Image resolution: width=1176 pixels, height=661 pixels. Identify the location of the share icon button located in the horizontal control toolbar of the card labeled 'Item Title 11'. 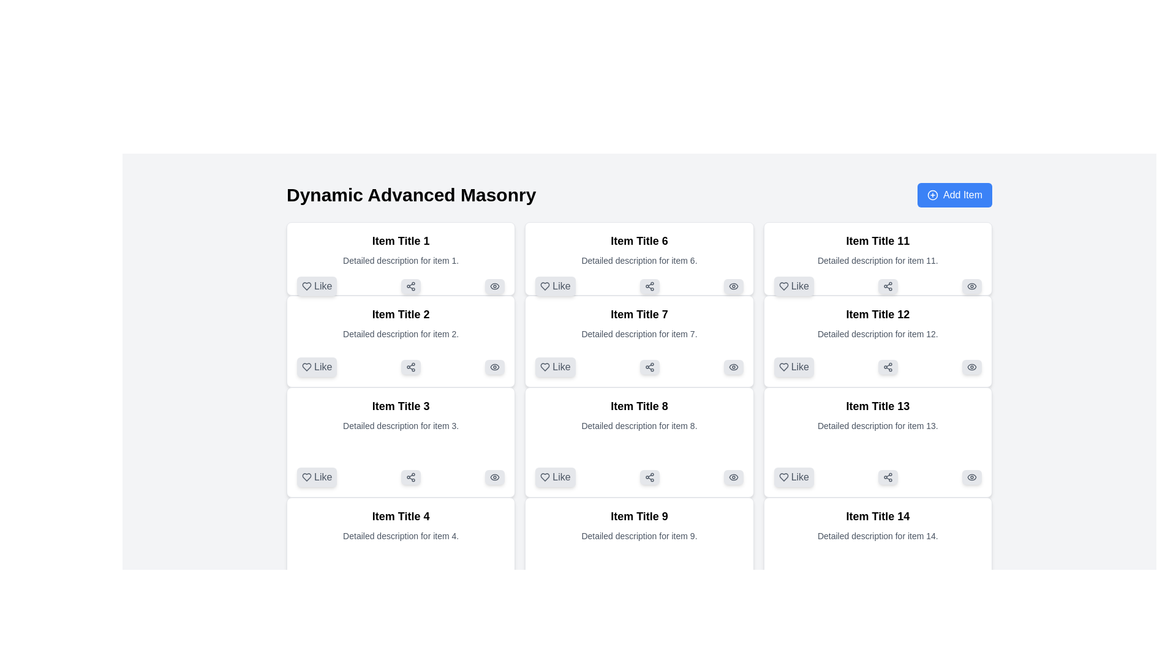
(888, 286).